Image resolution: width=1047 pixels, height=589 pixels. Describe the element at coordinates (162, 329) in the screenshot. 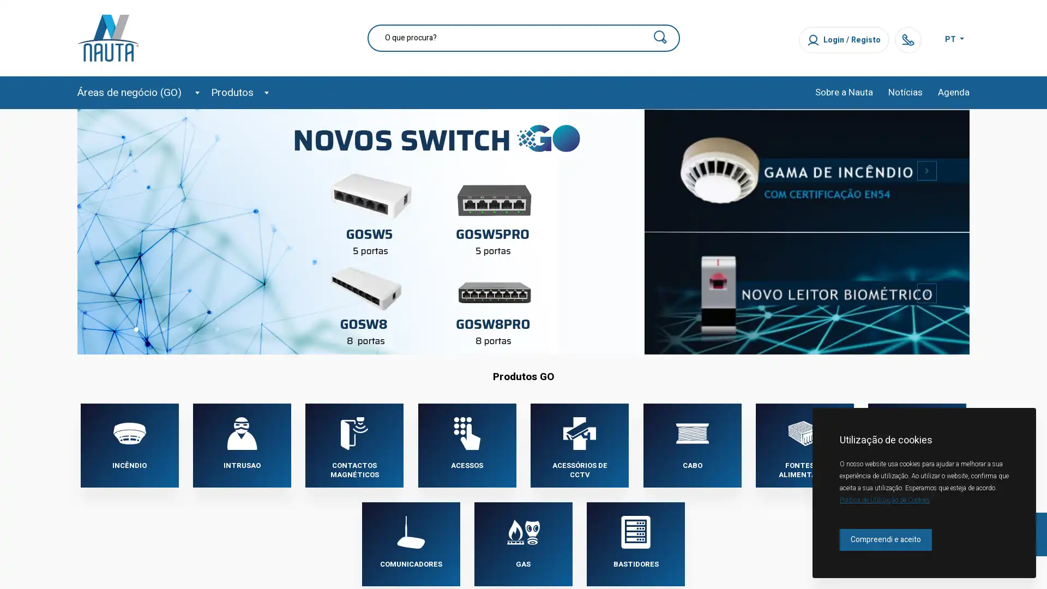

I see `Go to slide 2` at that location.